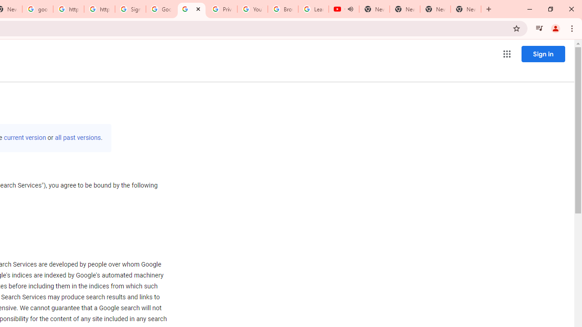 The width and height of the screenshot is (582, 327). What do you see at coordinates (130, 9) in the screenshot?
I see `'Sign in - Google Accounts'` at bounding box center [130, 9].